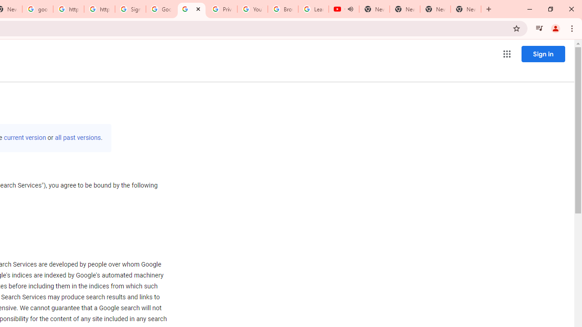 The width and height of the screenshot is (582, 327). What do you see at coordinates (130, 9) in the screenshot?
I see `'Sign in - Google Accounts'` at bounding box center [130, 9].